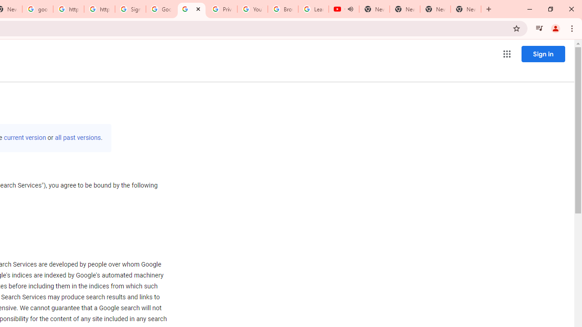 The width and height of the screenshot is (582, 327). What do you see at coordinates (130, 9) in the screenshot?
I see `'Sign in - Google Accounts'` at bounding box center [130, 9].